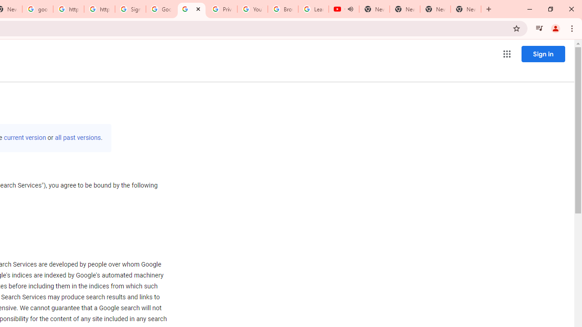 The width and height of the screenshot is (582, 327). What do you see at coordinates (130, 9) in the screenshot?
I see `'Sign in - Google Accounts'` at bounding box center [130, 9].